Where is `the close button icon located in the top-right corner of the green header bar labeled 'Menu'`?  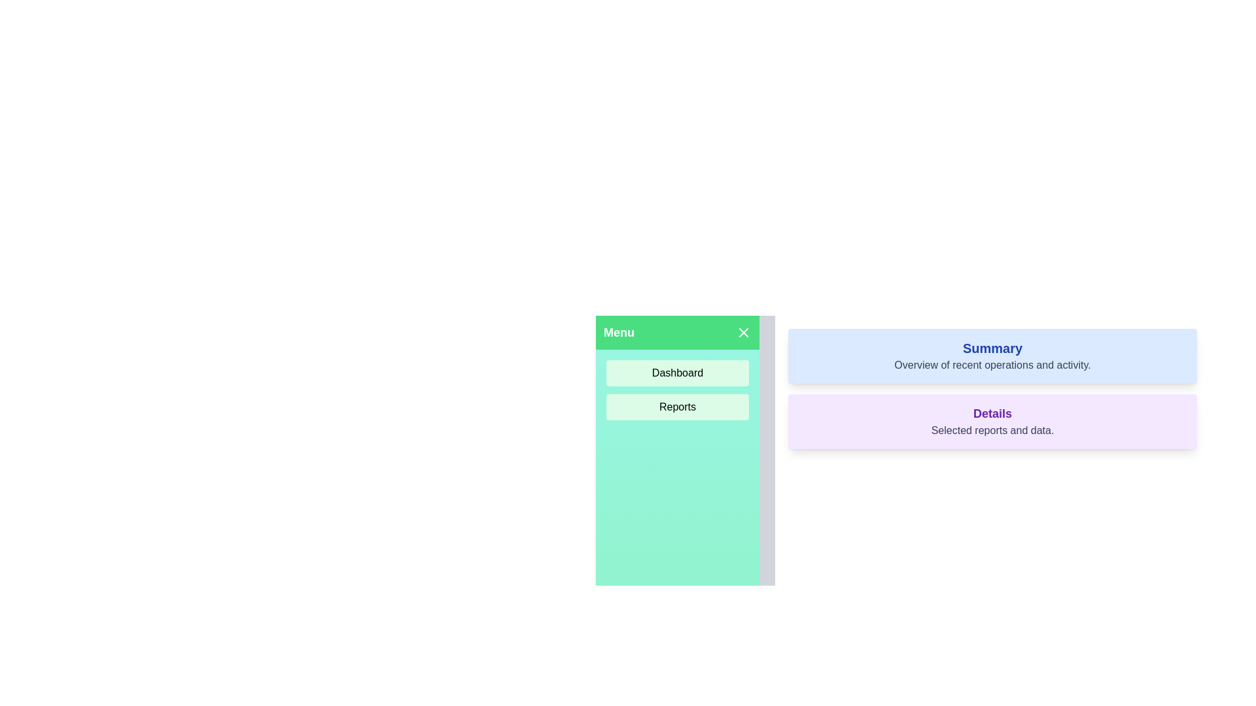 the close button icon located in the top-right corner of the green header bar labeled 'Menu' is located at coordinates (744, 332).